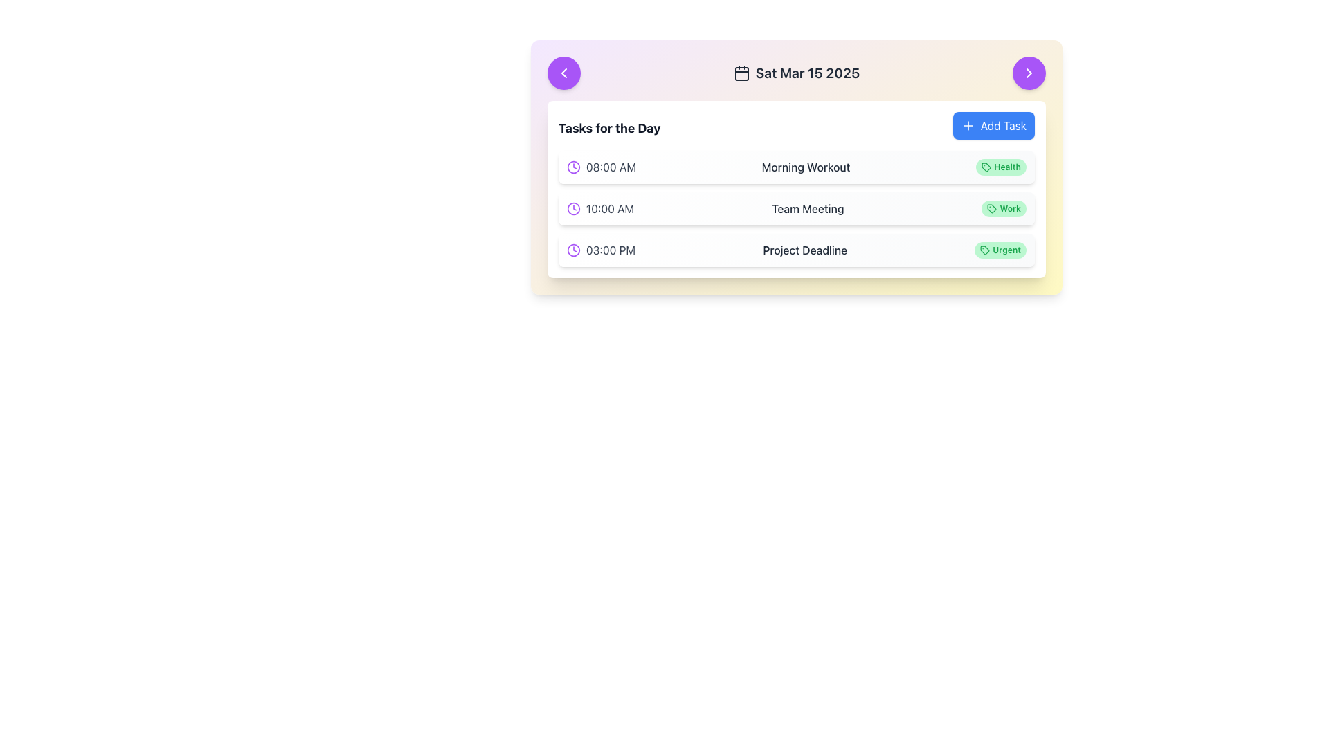  I want to click on the time icon representing the task entry 'Team Meeting', which is located in the second row of the schedule under the heading 'Tasks for the Day', so click(574, 208).